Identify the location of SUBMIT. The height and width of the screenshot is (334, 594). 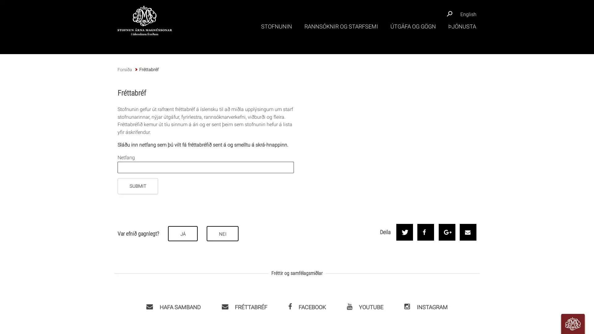
(137, 186).